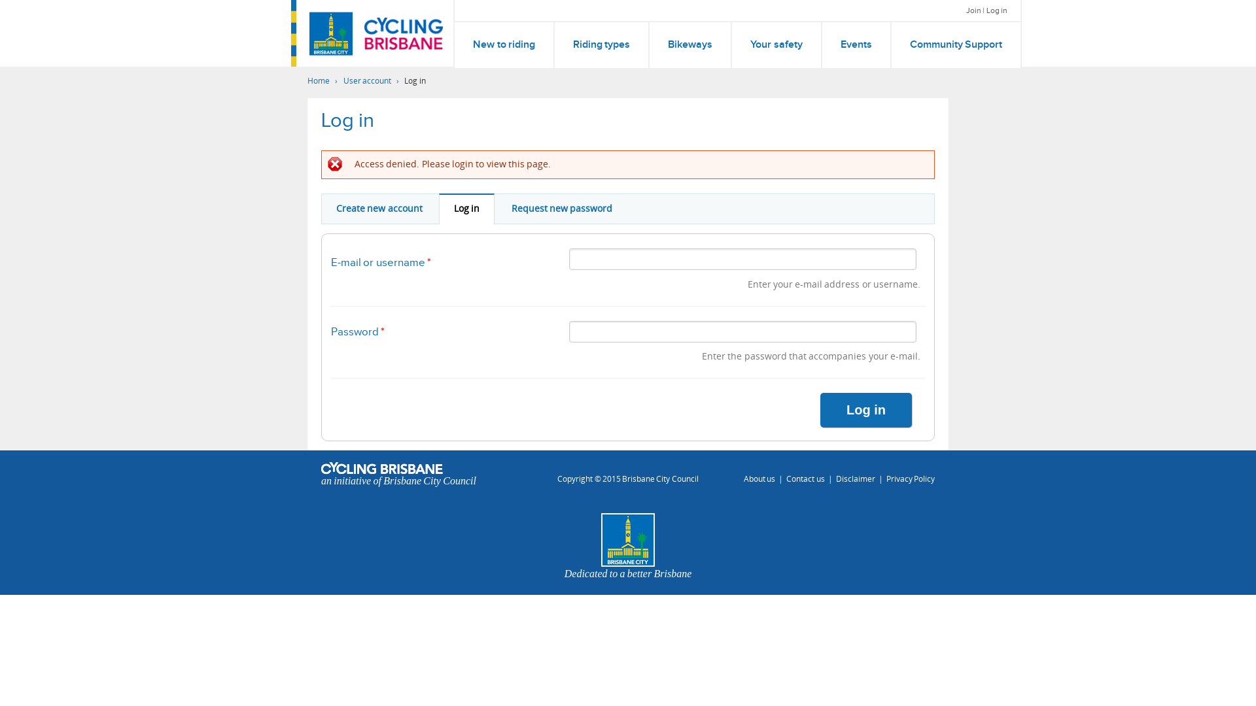 The image size is (1256, 706). I want to click on 'Bikeways', so click(689, 44).